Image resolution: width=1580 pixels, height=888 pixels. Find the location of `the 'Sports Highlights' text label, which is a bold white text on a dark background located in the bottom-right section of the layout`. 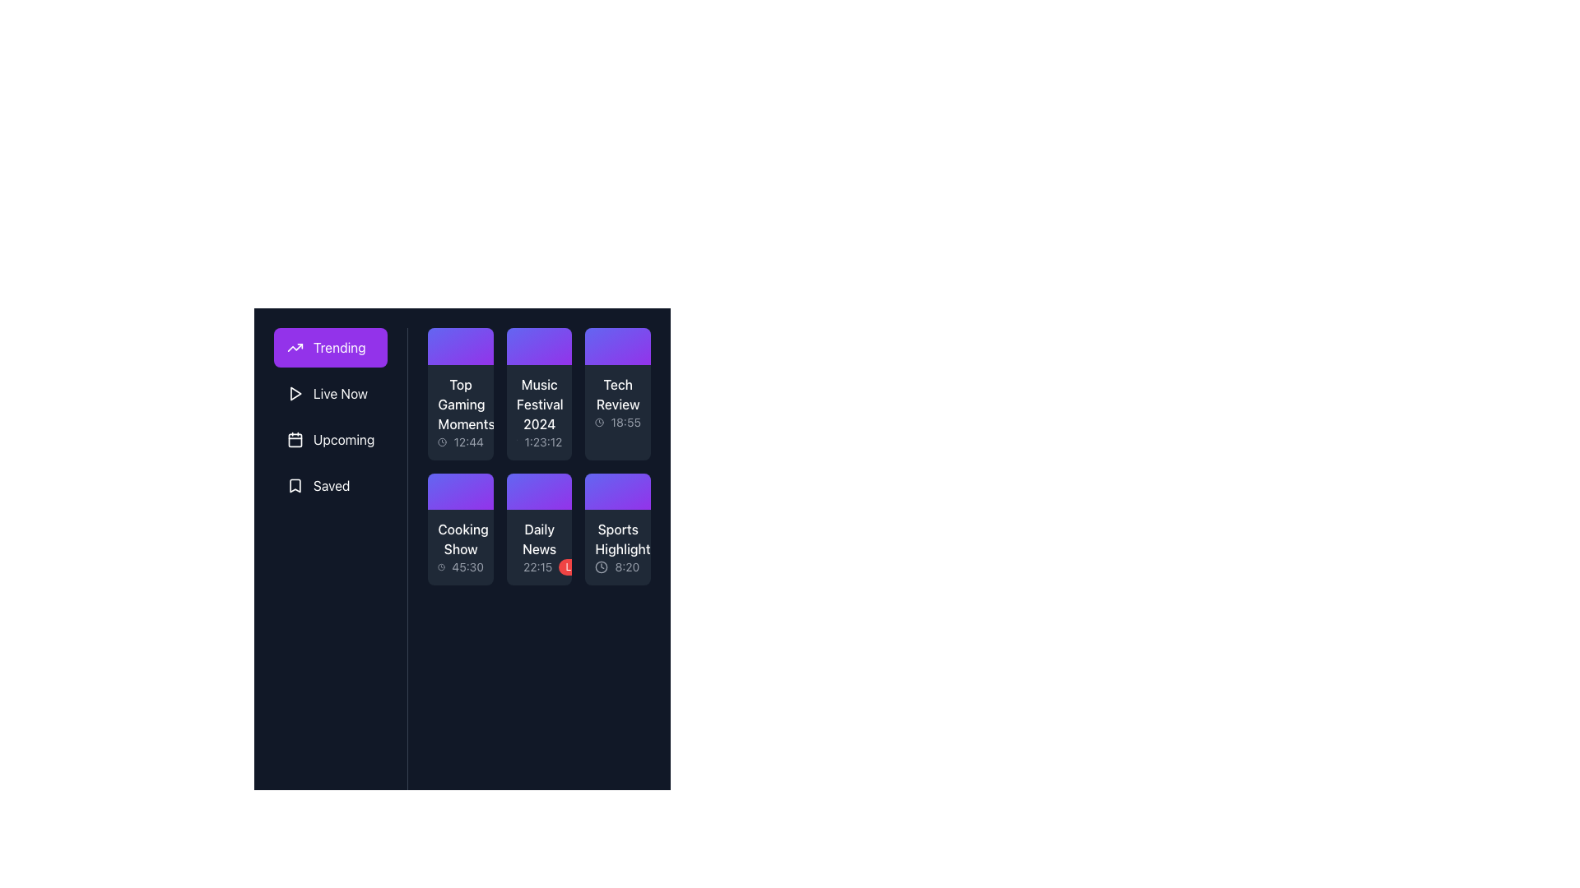

the 'Sports Highlights' text label, which is a bold white text on a dark background located in the bottom-right section of the layout is located at coordinates (617, 539).